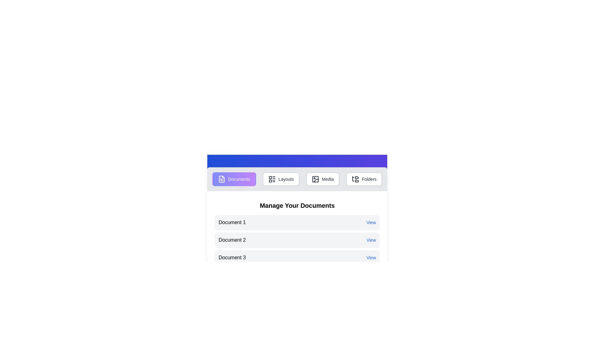 The image size is (604, 339). Describe the element at coordinates (355, 179) in the screenshot. I see `the leftmost icon of the 'Folders' button in the top navigation bar` at that location.